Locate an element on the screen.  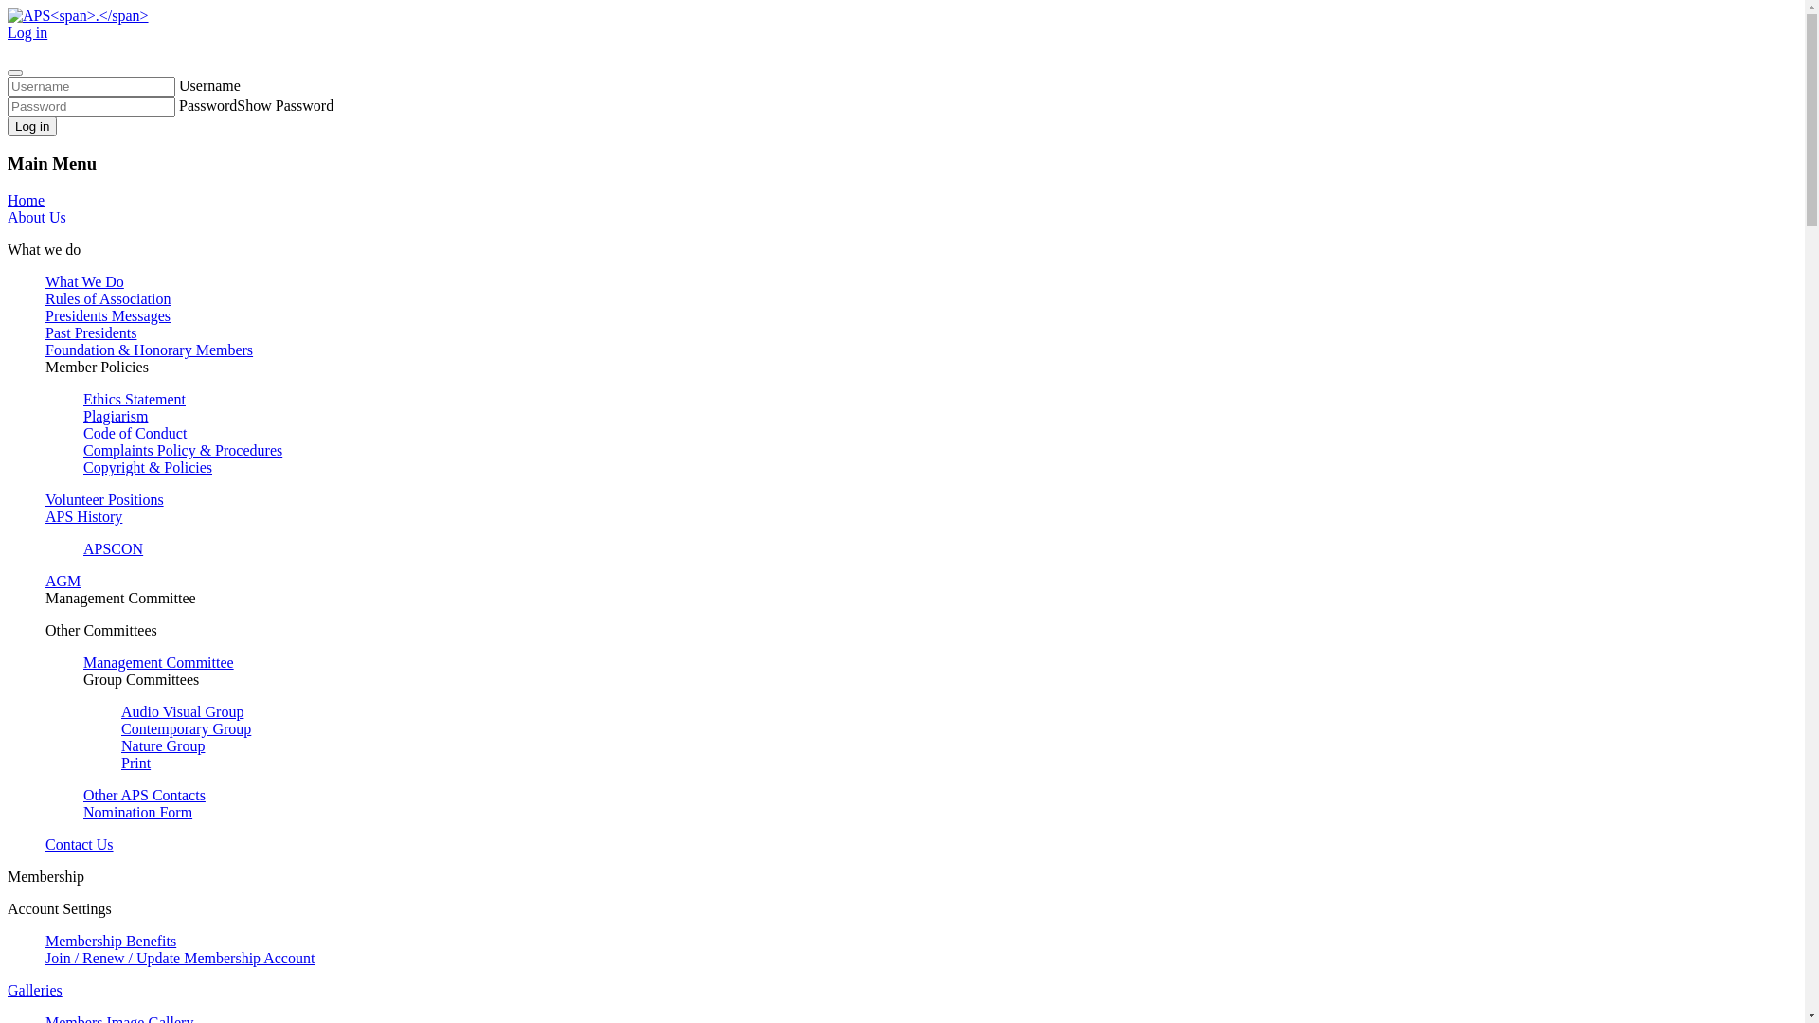
'Volunteer Positions' is located at coordinates (103, 498).